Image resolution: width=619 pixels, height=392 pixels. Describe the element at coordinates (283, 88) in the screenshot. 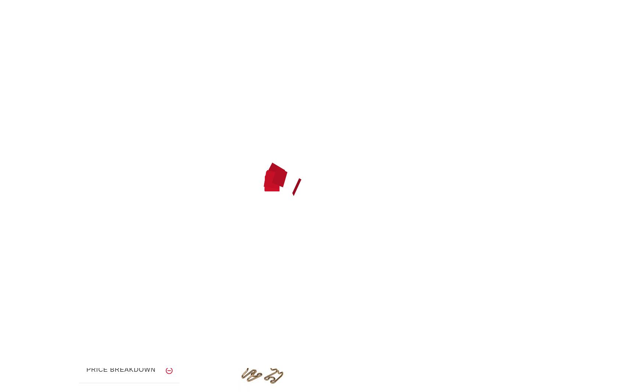

I see `'Extra Links'` at that location.